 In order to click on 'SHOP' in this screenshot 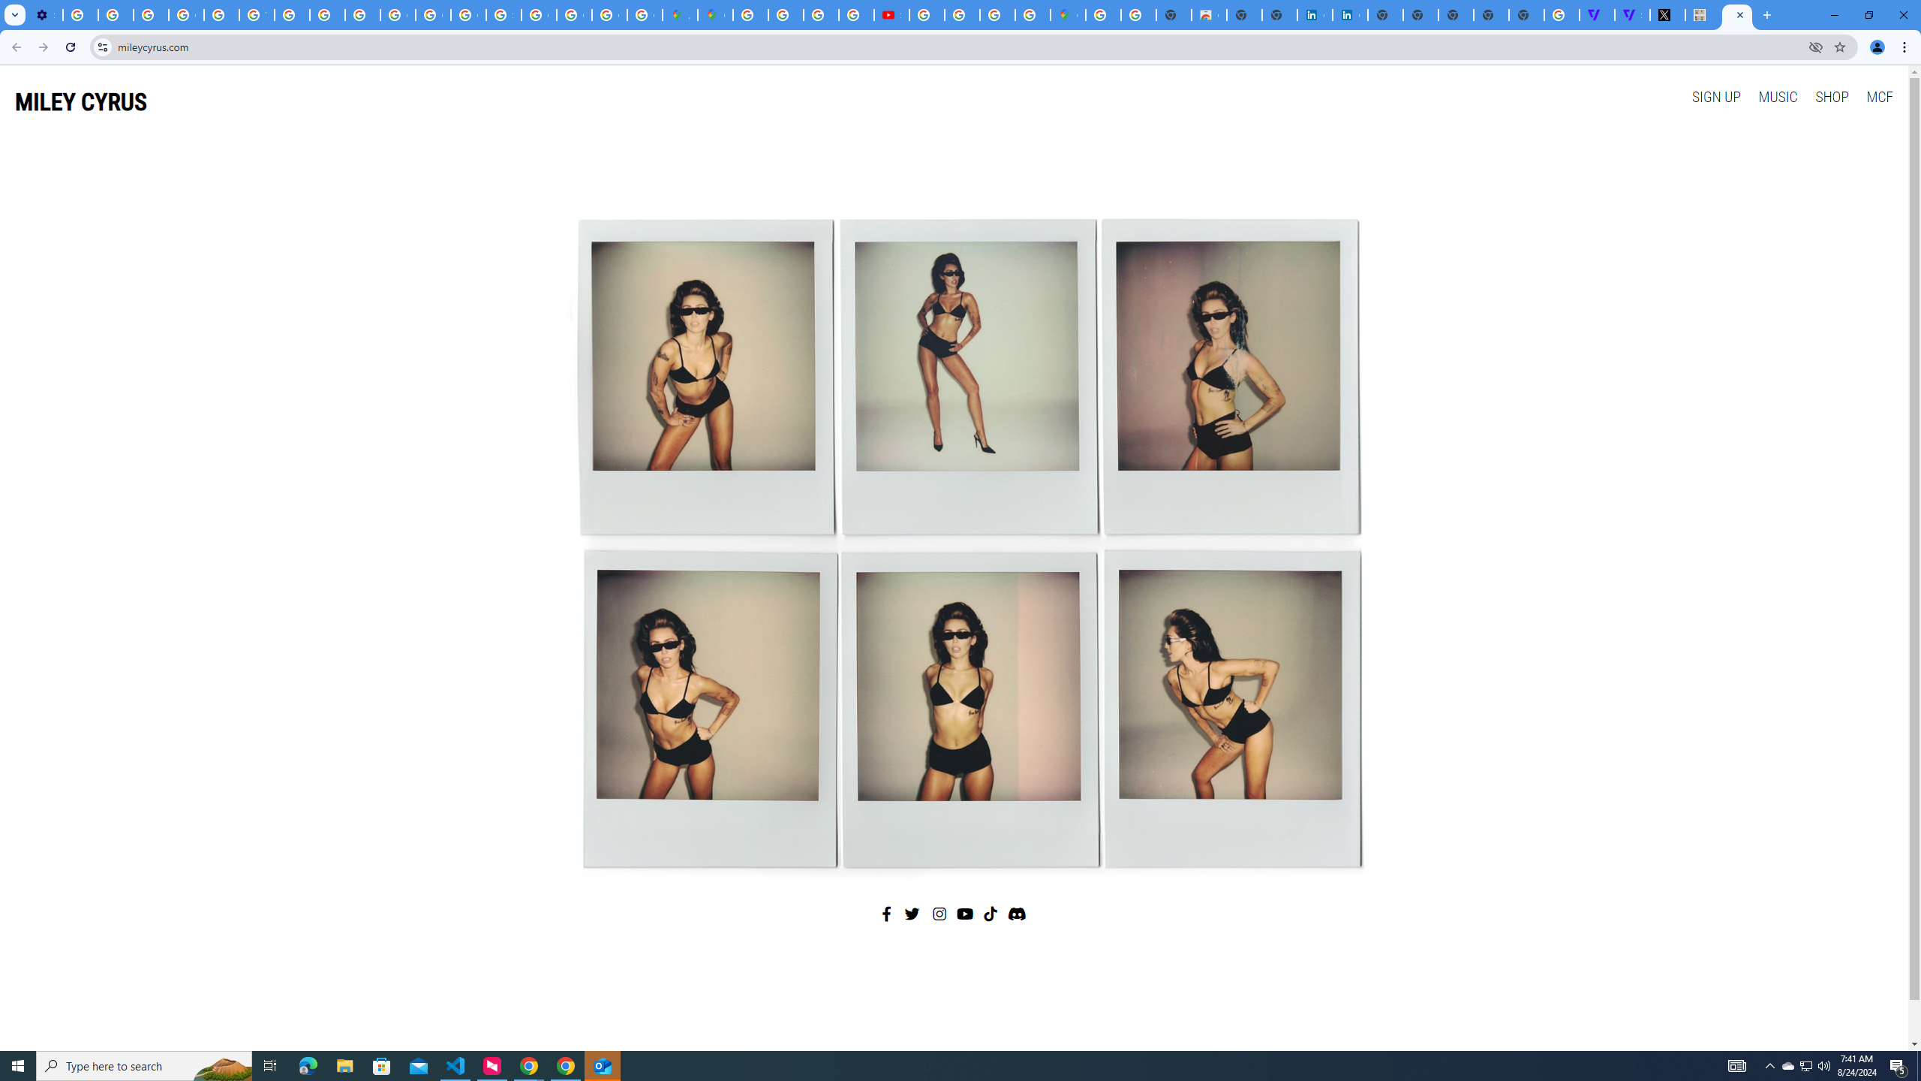, I will do `click(1830, 95)`.